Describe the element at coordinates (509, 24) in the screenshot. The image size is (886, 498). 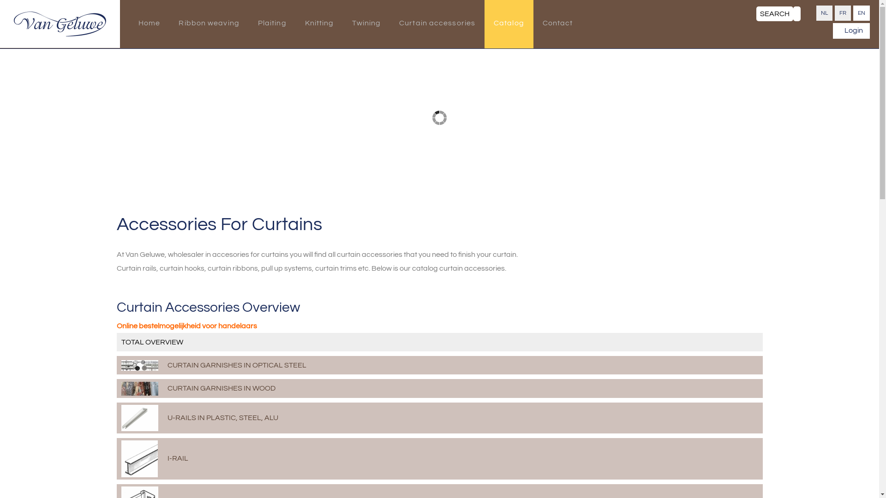
I see `'Catalog'` at that location.